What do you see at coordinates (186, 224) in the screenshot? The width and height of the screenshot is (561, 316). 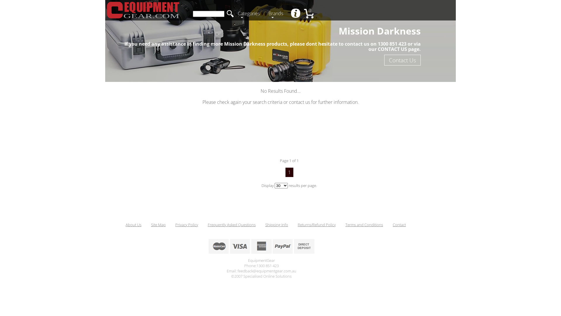 I see `'Privacy Policy'` at bounding box center [186, 224].